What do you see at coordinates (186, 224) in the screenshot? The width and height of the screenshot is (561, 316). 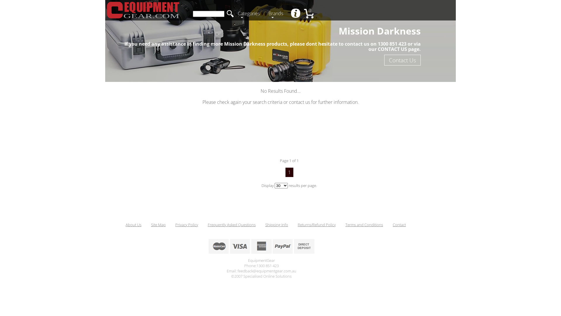 I see `'Privacy Policy'` at bounding box center [186, 224].